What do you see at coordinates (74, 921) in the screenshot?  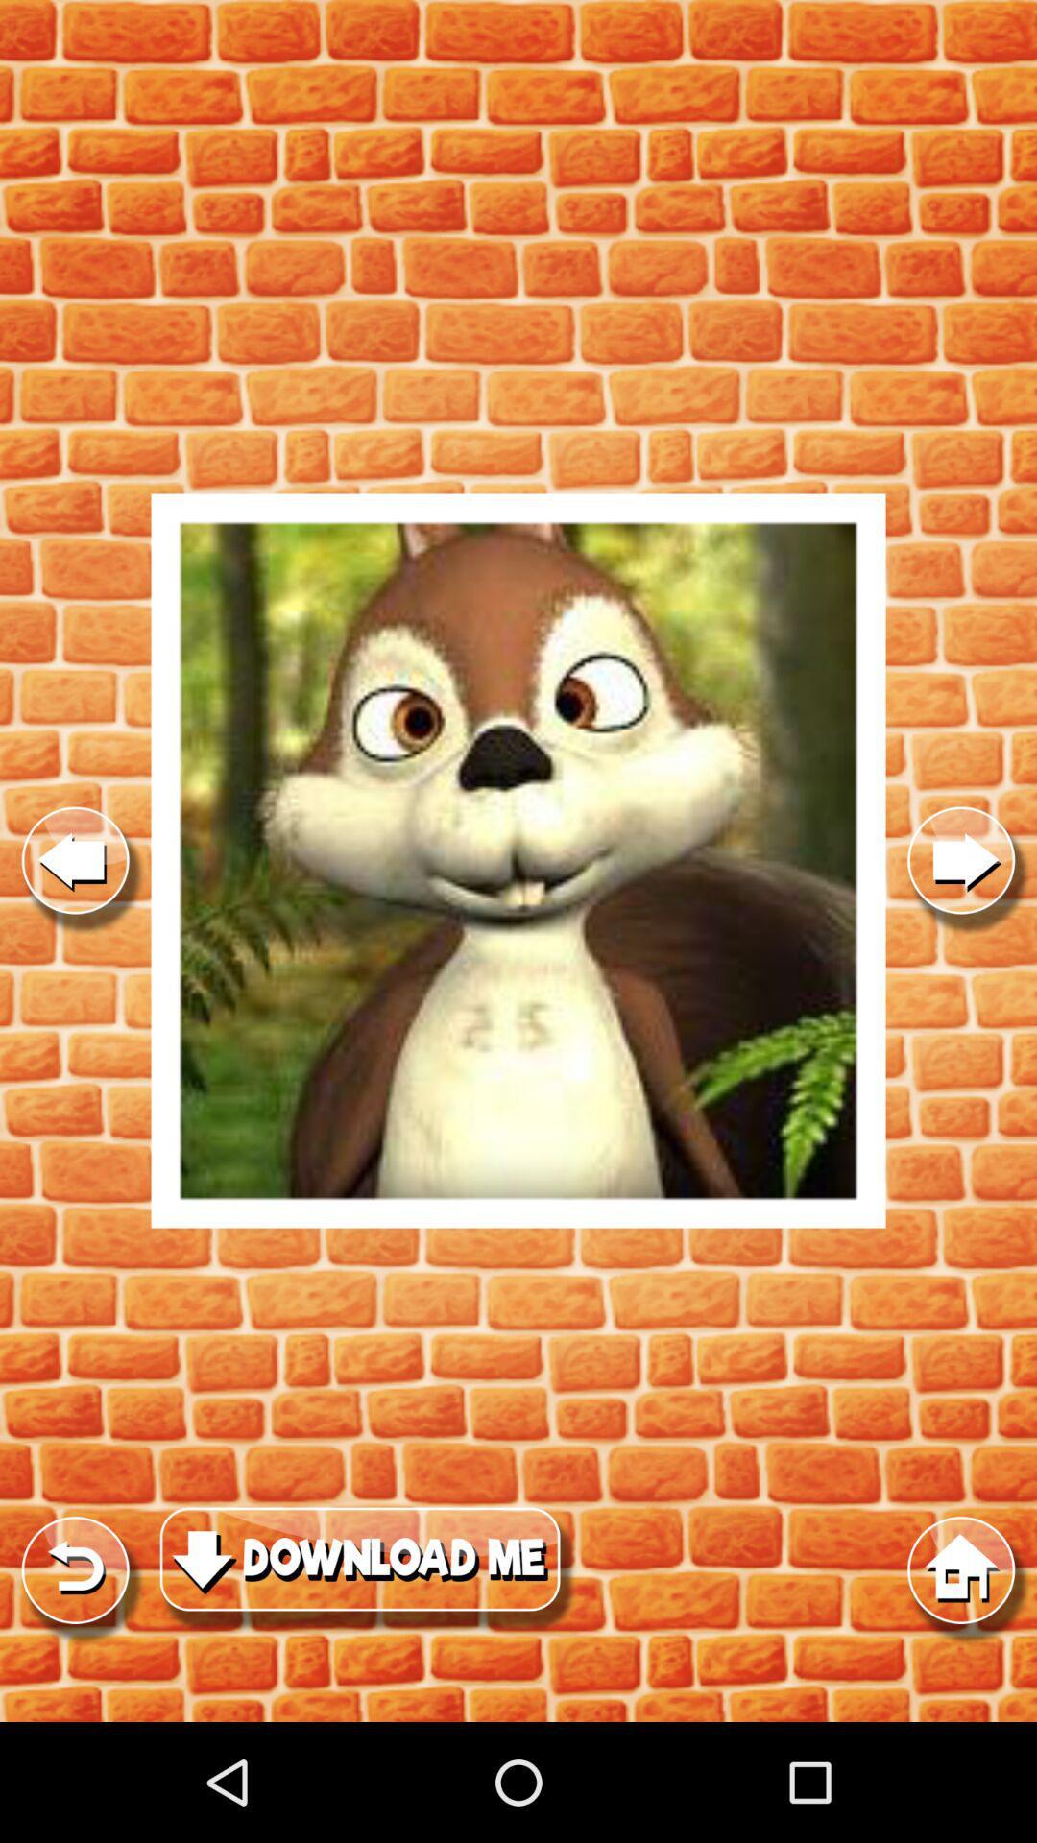 I see `the arrow_backward icon` at bounding box center [74, 921].